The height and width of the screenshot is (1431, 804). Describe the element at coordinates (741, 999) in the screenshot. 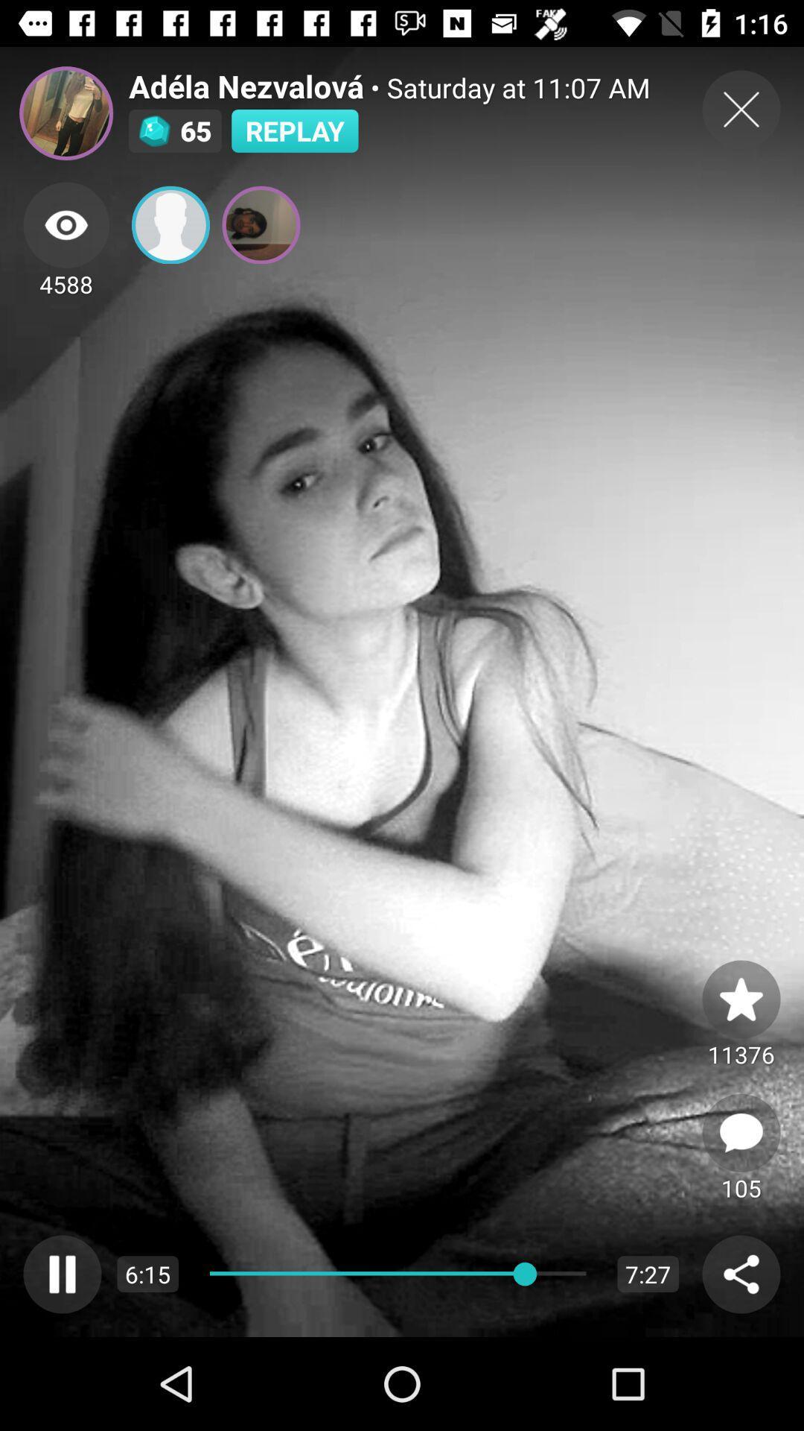

I see `picture` at that location.